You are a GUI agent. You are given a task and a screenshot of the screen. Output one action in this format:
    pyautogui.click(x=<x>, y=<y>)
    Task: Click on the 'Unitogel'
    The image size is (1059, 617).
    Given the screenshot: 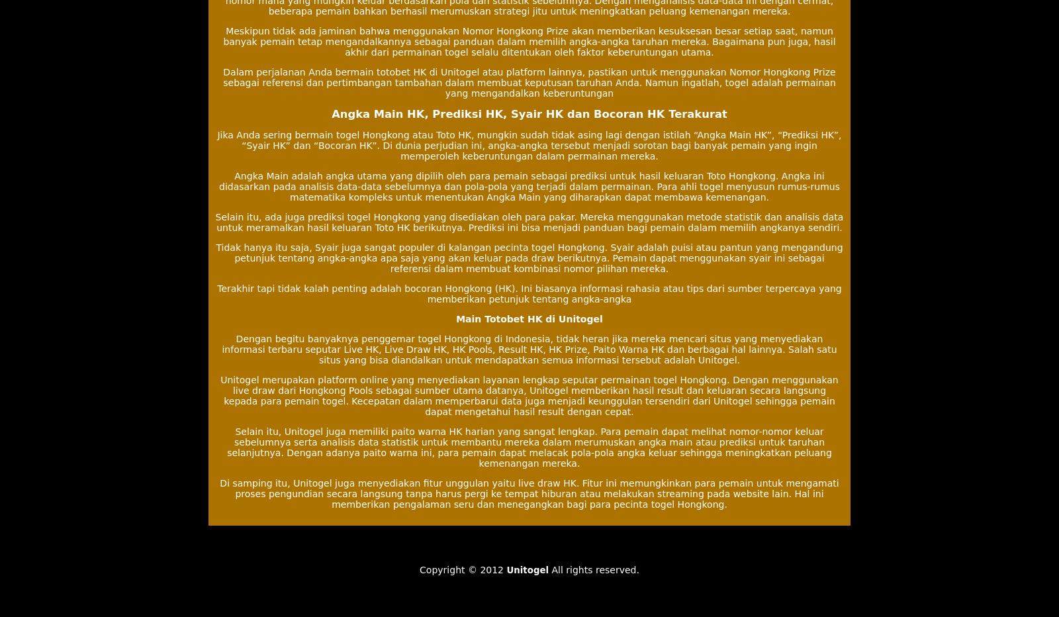 What is the action you would take?
    pyautogui.click(x=527, y=569)
    